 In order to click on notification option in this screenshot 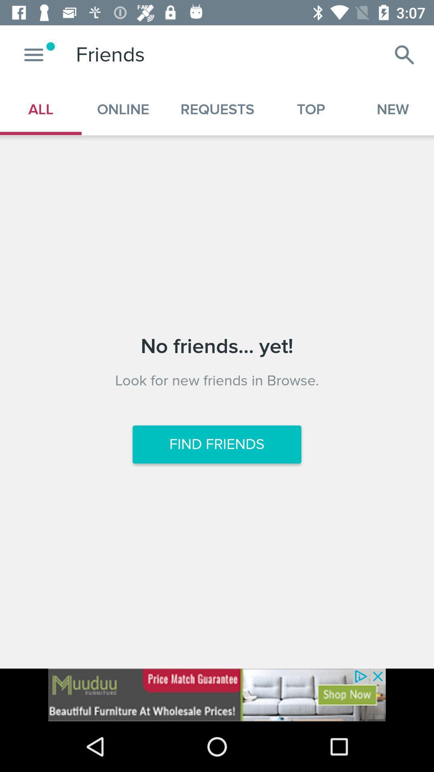, I will do `click(33, 54)`.